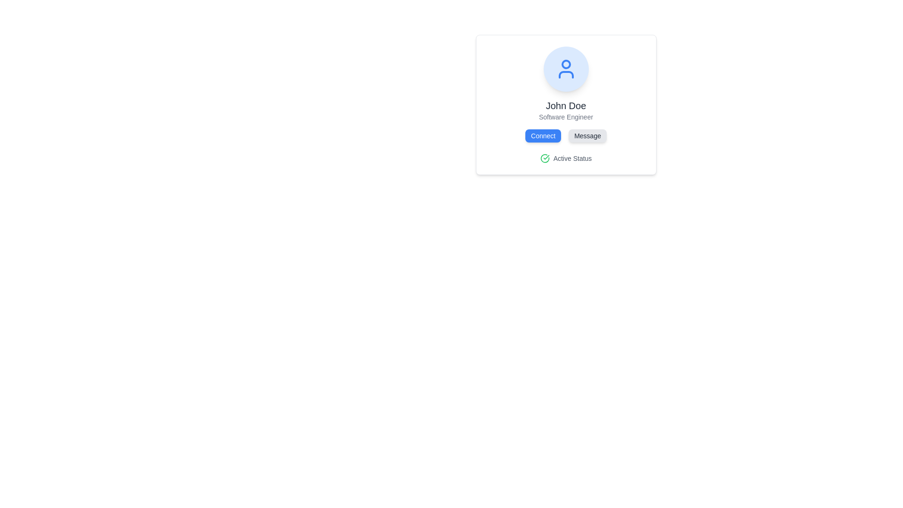 The image size is (903, 508). What do you see at coordinates (565, 110) in the screenshot?
I see `the Text Display element that shows 'John Doe' and 'Software Engineer', which is positioned centrally within a card below the avatar icon` at bounding box center [565, 110].